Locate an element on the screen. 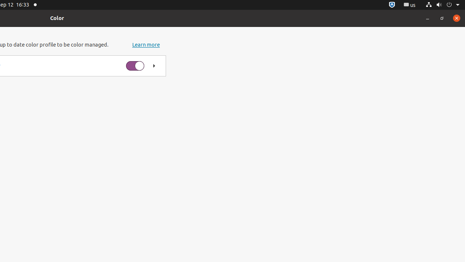  'Show color profiles for Q2790PQ Monitor' is located at coordinates (154, 66).